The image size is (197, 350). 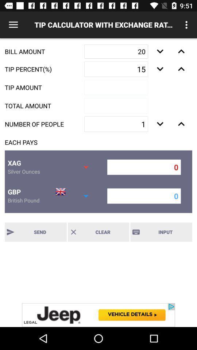 What do you see at coordinates (35, 232) in the screenshot?
I see `send button along with text send` at bounding box center [35, 232].